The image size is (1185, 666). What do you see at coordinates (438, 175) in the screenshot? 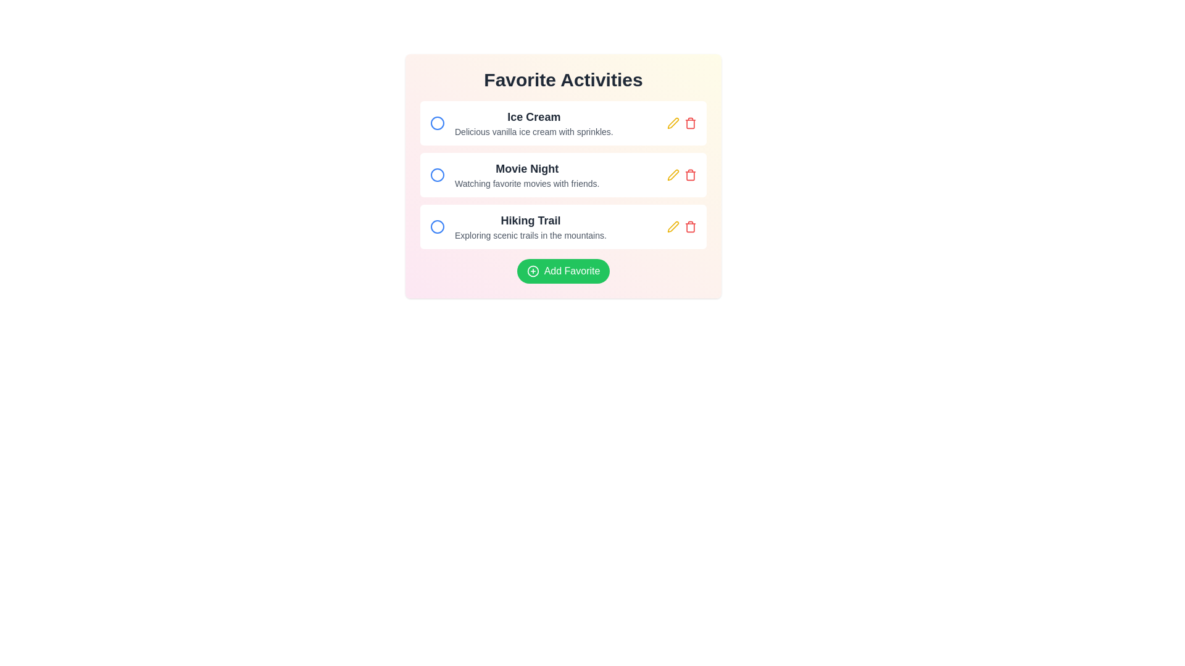
I see `the selectable icon or radio button, which is a circle with a blue outline located in the second row of the 'Favorite Activities' list` at bounding box center [438, 175].